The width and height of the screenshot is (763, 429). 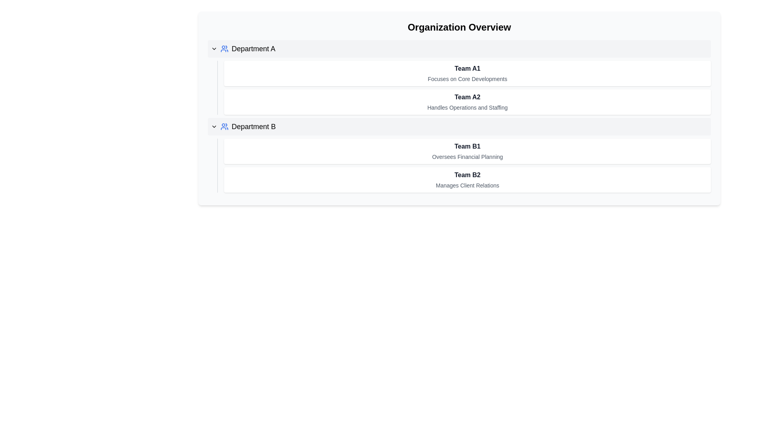 What do you see at coordinates (467, 174) in the screenshot?
I see `the label reading 'Team B2' which is positioned in the second slot under 'Department B' in the middle section of the interface, preceding the text 'Manages Client Relations'` at bounding box center [467, 174].